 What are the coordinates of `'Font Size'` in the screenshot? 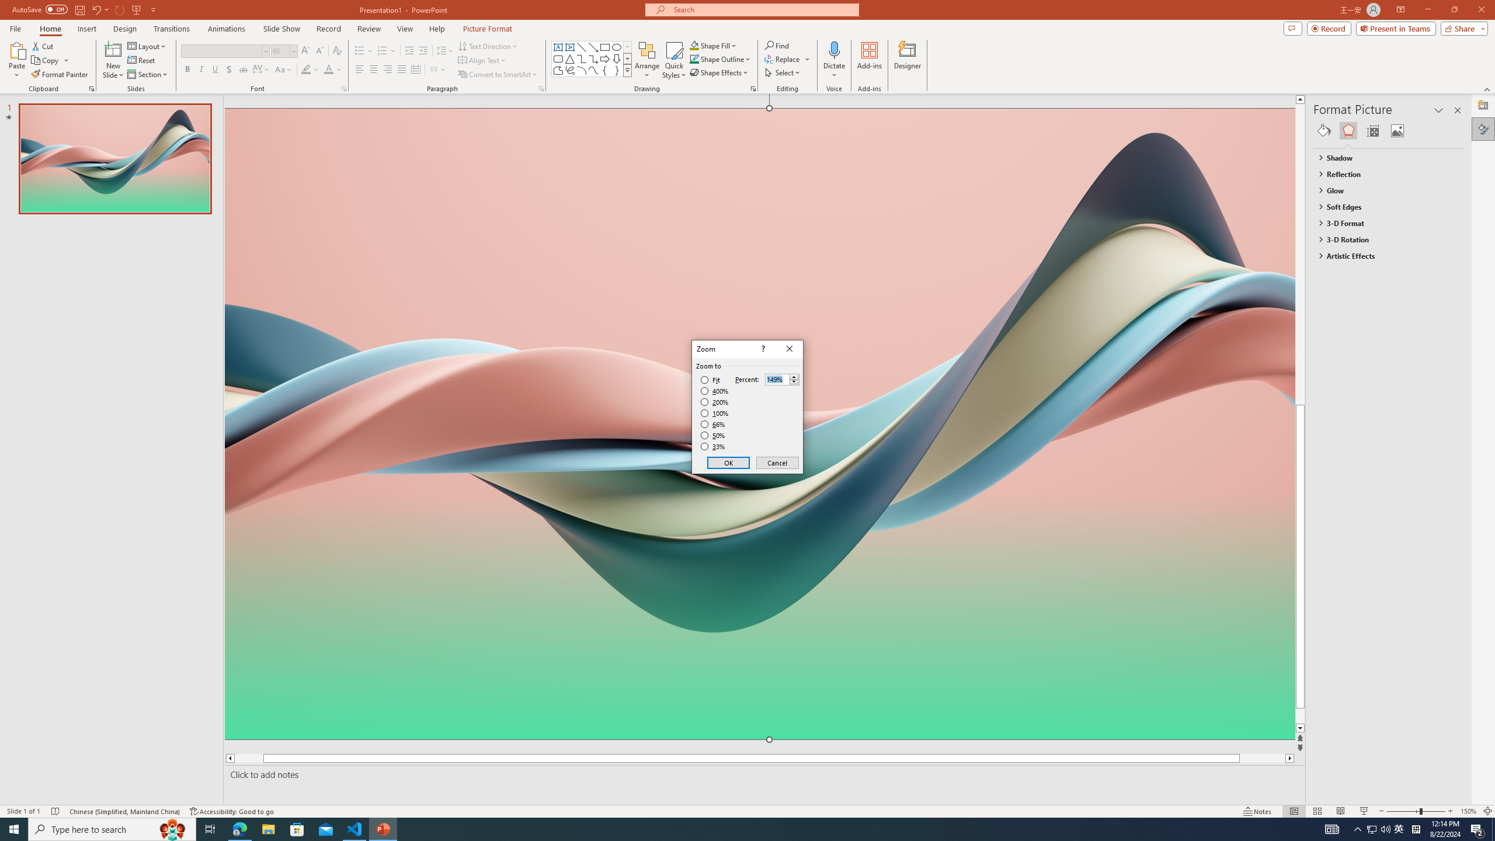 It's located at (283, 51).